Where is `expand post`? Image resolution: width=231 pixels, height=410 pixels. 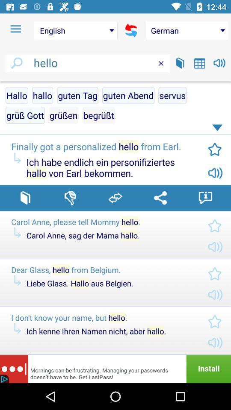 expand post is located at coordinates (219, 129).